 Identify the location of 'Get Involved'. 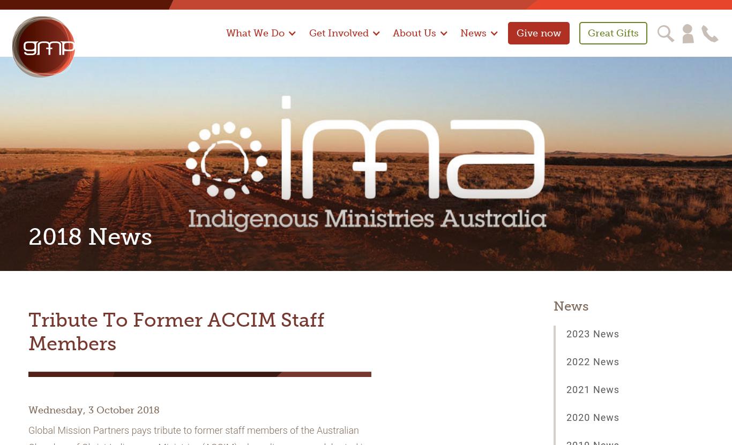
(338, 32).